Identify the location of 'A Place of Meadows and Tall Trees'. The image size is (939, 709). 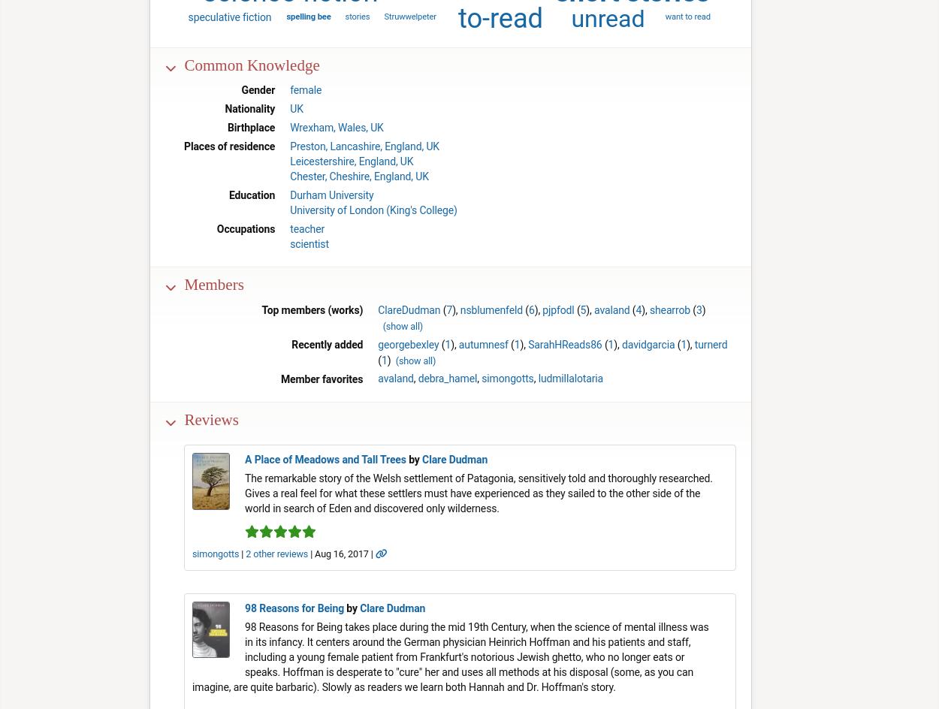
(325, 459).